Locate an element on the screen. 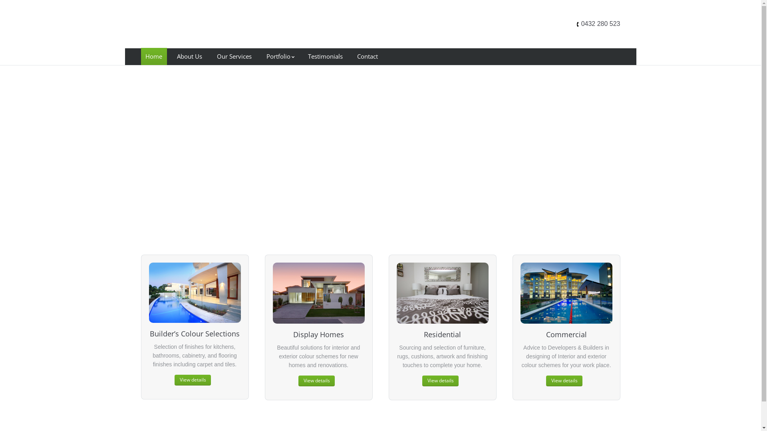 This screenshot has width=767, height=431. 'Home' is located at coordinates (153, 56).